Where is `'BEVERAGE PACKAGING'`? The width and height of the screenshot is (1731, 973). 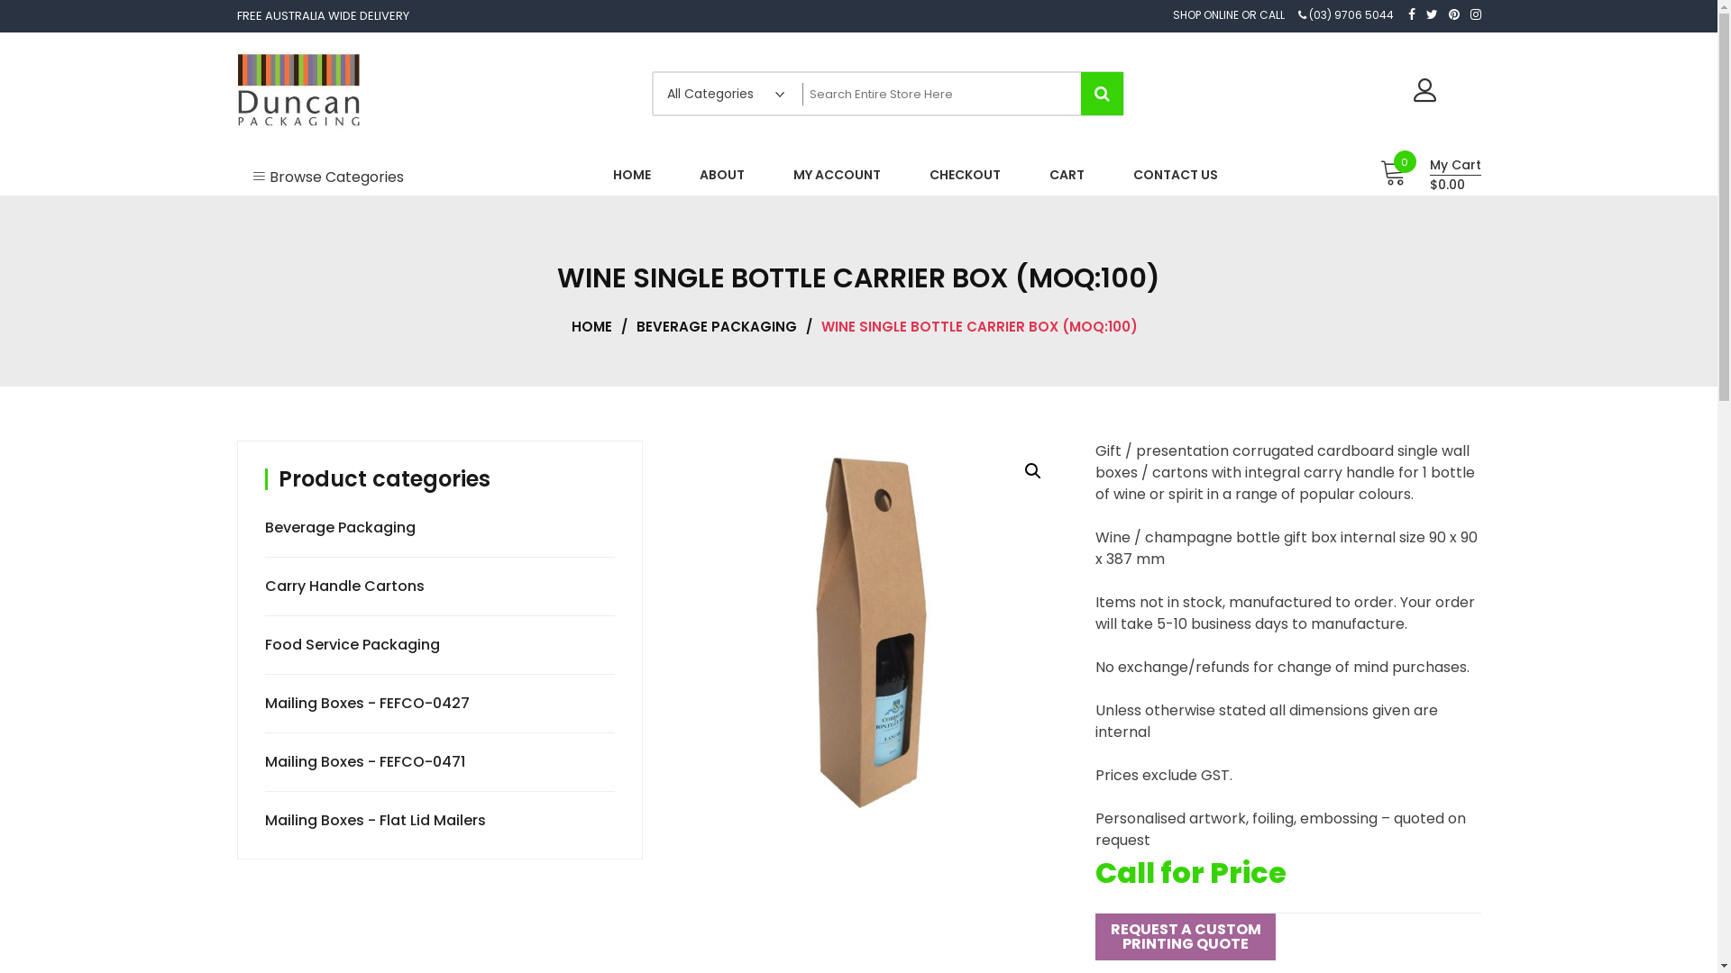
'BEVERAGE PACKAGING' is located at coordinates (721, 326).